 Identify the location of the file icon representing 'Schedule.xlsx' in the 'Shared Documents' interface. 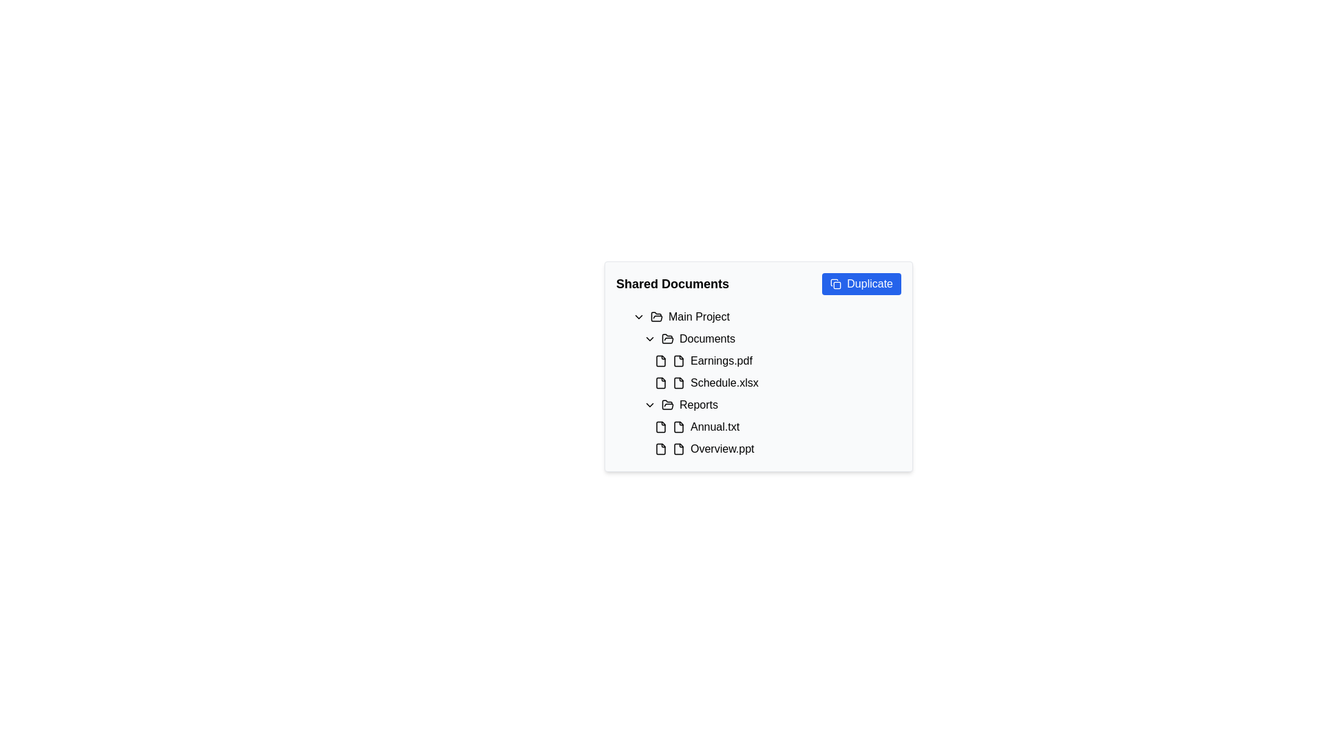
(678, 383).